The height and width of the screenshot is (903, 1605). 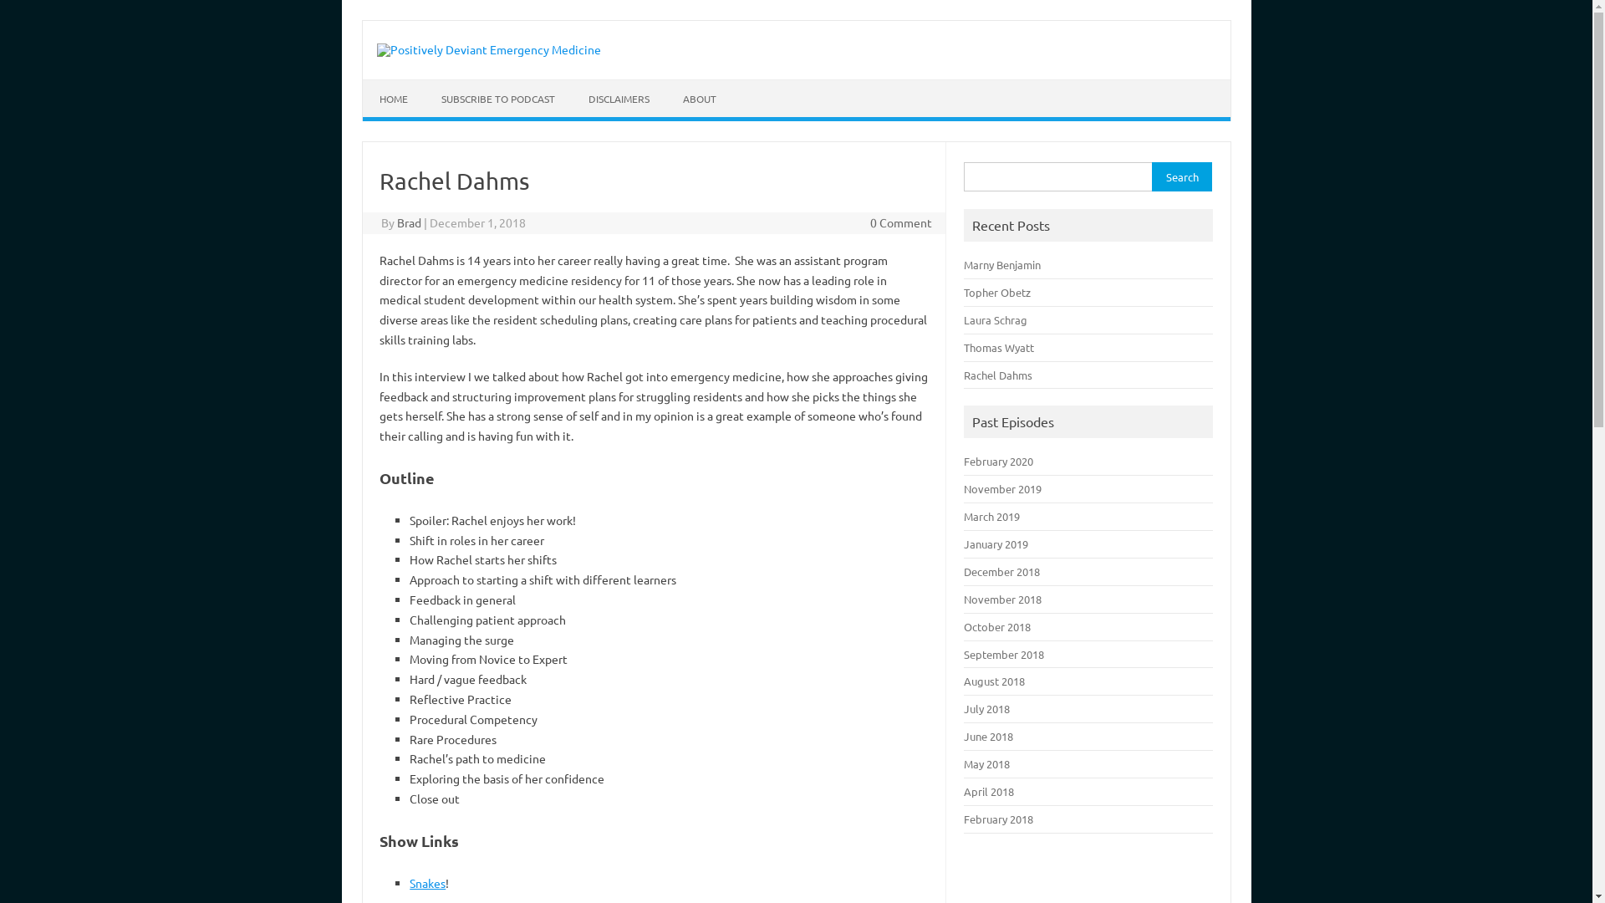 I want to click on 'April 2018', so click(x=988, y=790).